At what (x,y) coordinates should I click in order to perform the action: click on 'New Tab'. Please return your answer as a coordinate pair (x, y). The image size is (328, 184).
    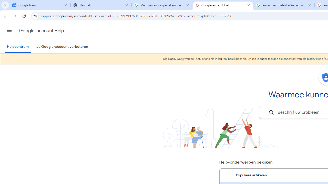
    Looking at the image, I should click on (101, 5).